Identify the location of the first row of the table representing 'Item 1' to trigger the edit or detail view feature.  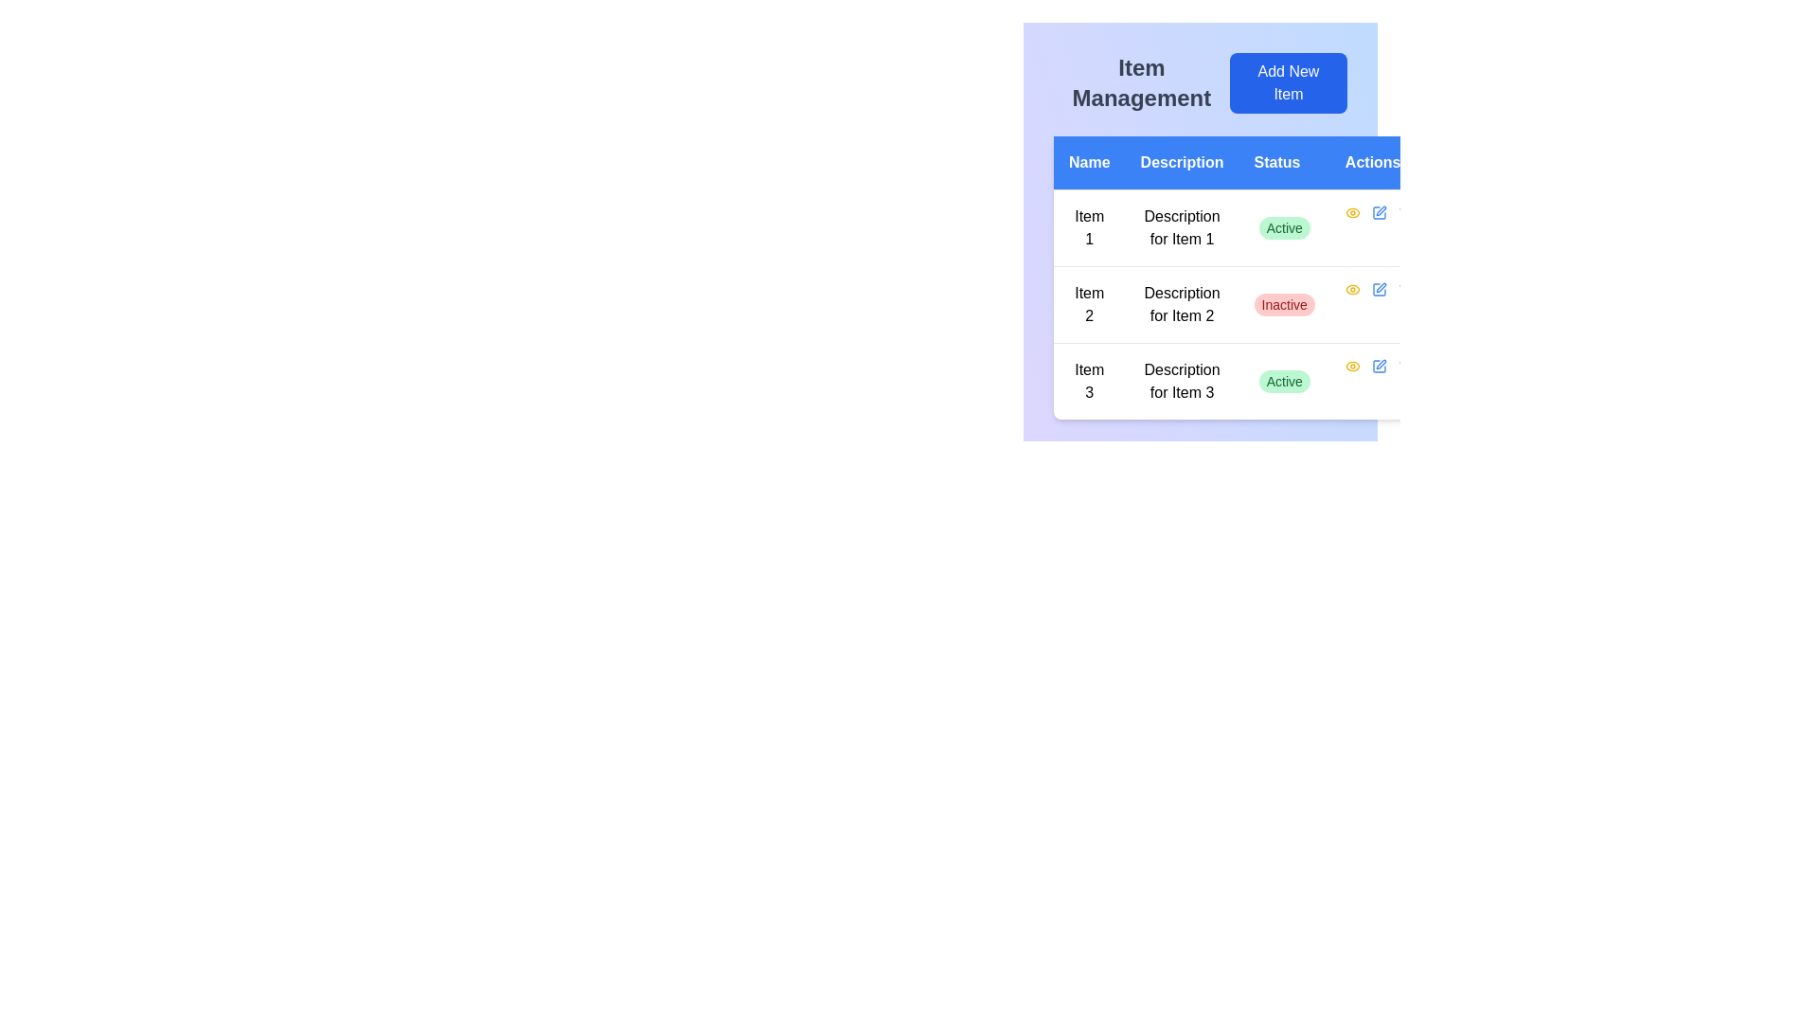
(1240, 226).